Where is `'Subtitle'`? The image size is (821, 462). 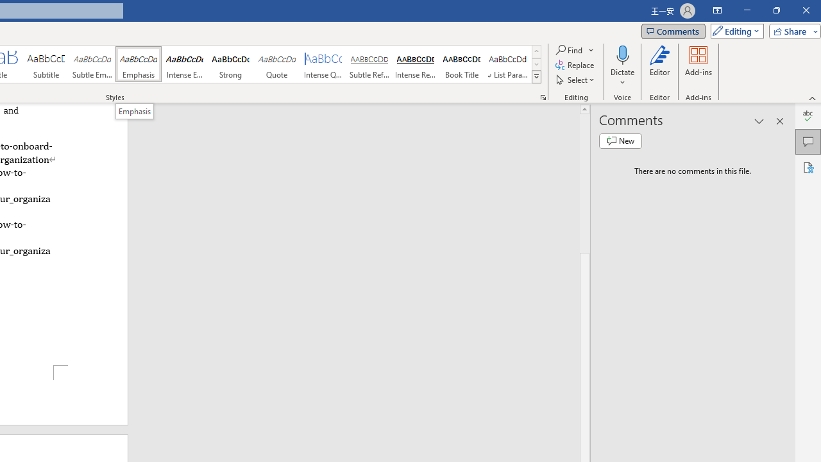
'Subtitle' is located at coordinates (46, 64).